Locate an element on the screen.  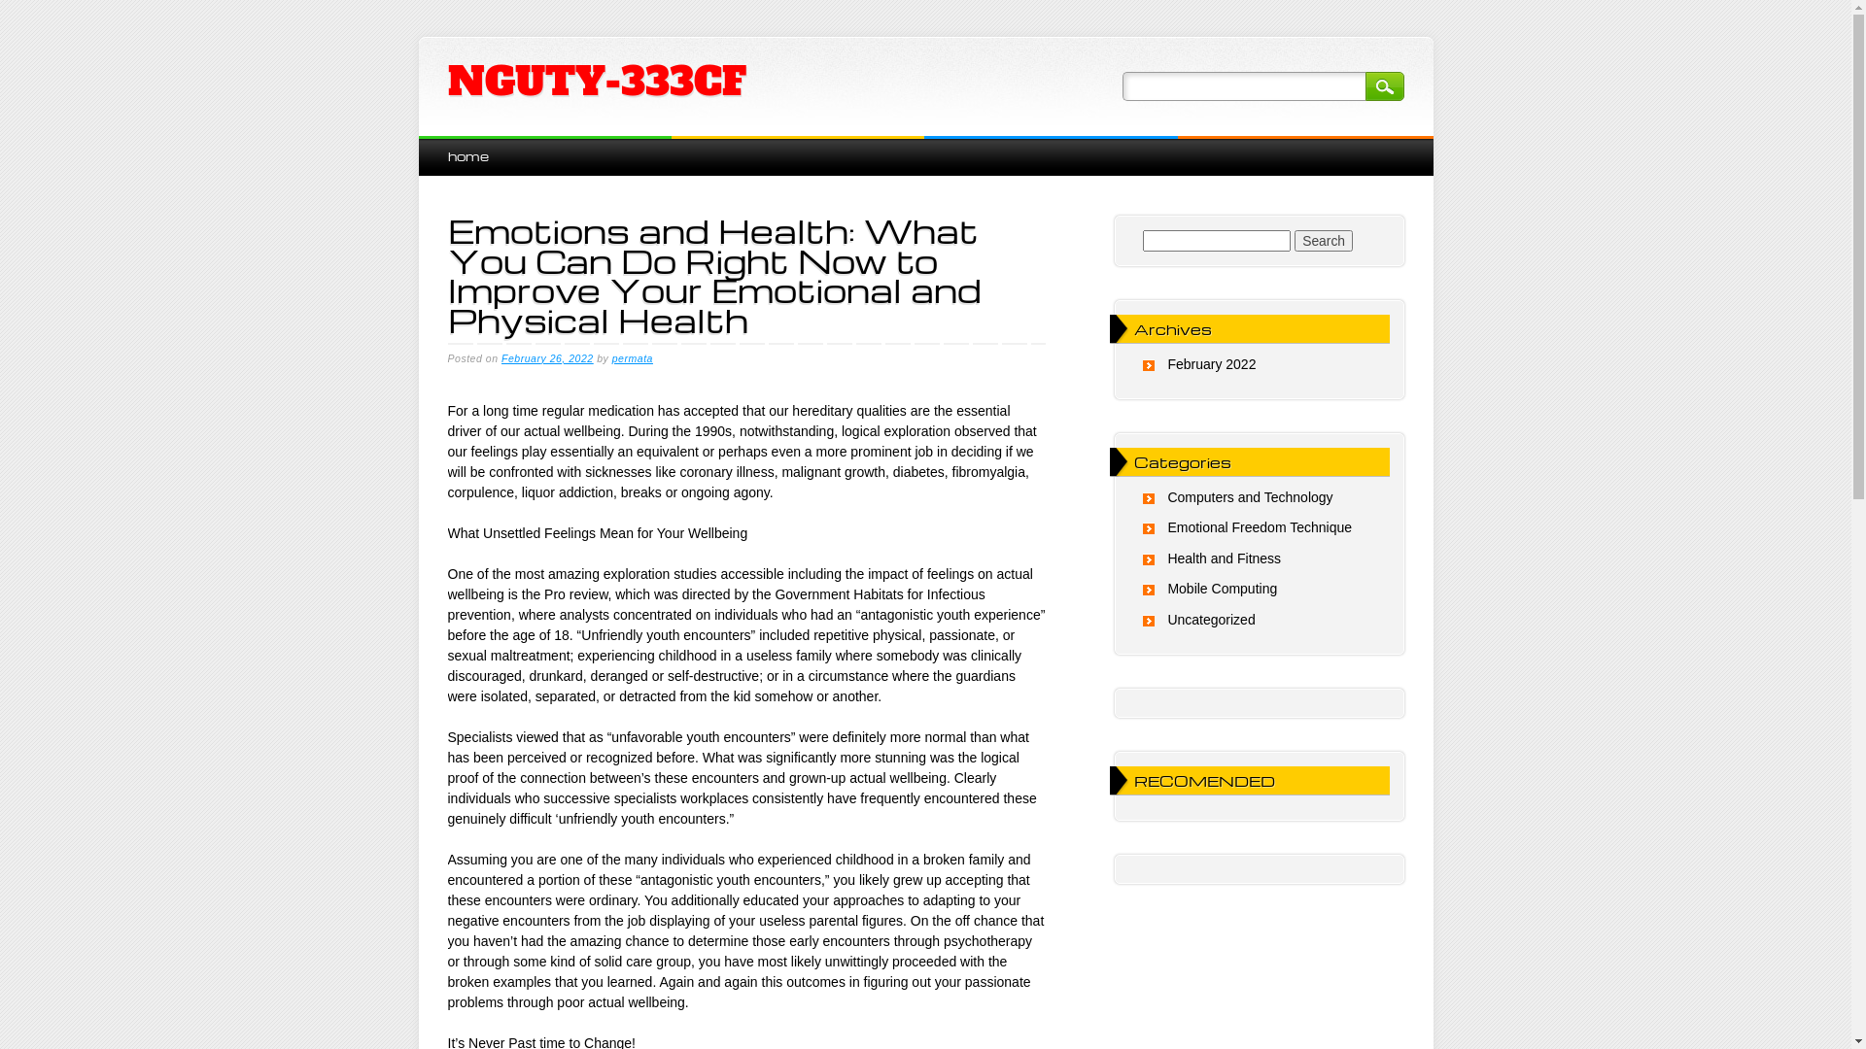
'Search' is located at coordinates (1323, 239).